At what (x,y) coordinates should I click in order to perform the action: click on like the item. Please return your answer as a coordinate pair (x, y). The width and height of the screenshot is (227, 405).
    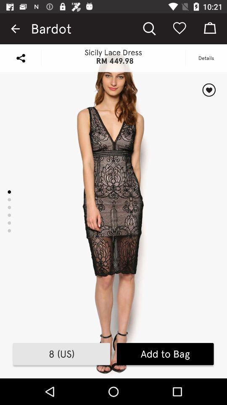
    Looking at the image, I should click on (209, 90).